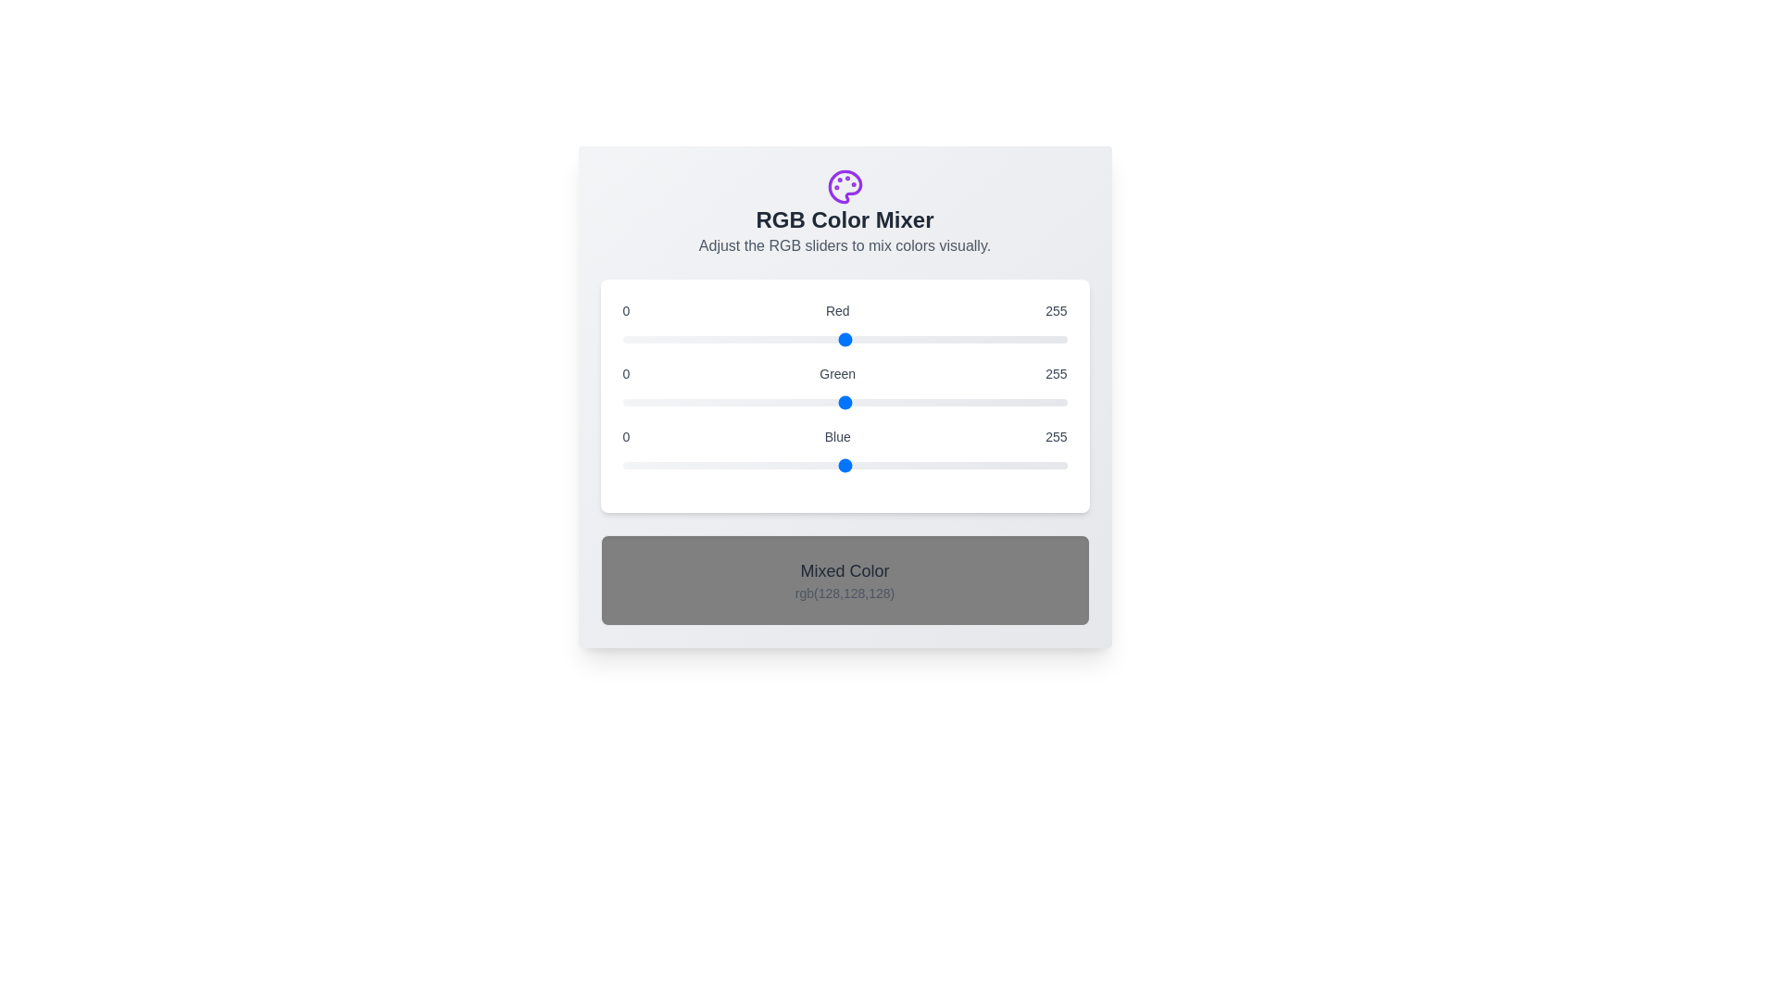  What do you see at coordinates (781, 402) in the screenshot?
I see `the green slider to set the green component to 91` at bounding box center [781, 402].